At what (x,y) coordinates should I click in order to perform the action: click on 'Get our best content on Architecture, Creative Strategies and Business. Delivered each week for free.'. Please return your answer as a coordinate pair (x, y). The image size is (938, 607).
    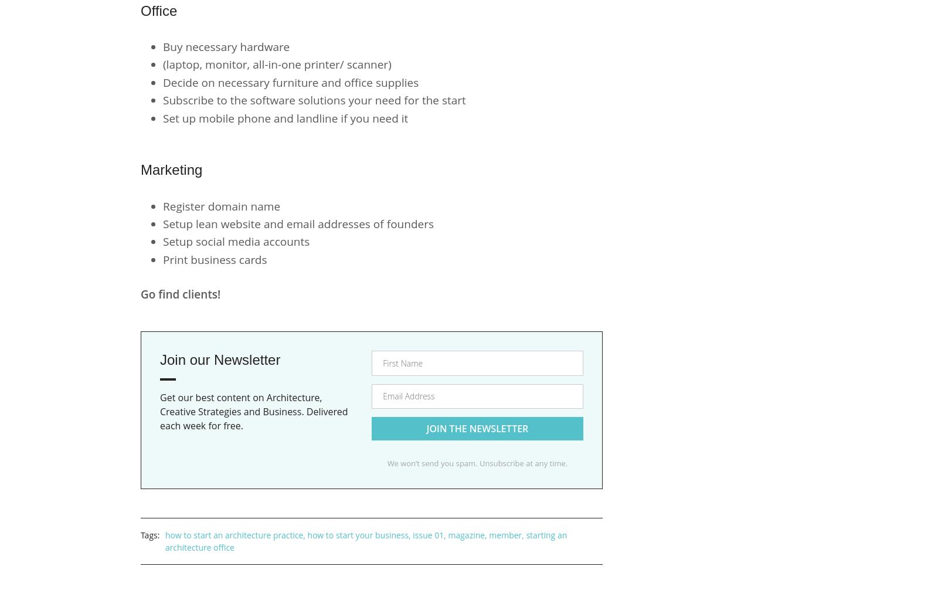
    Looking at the image, I should click on (253, 411).